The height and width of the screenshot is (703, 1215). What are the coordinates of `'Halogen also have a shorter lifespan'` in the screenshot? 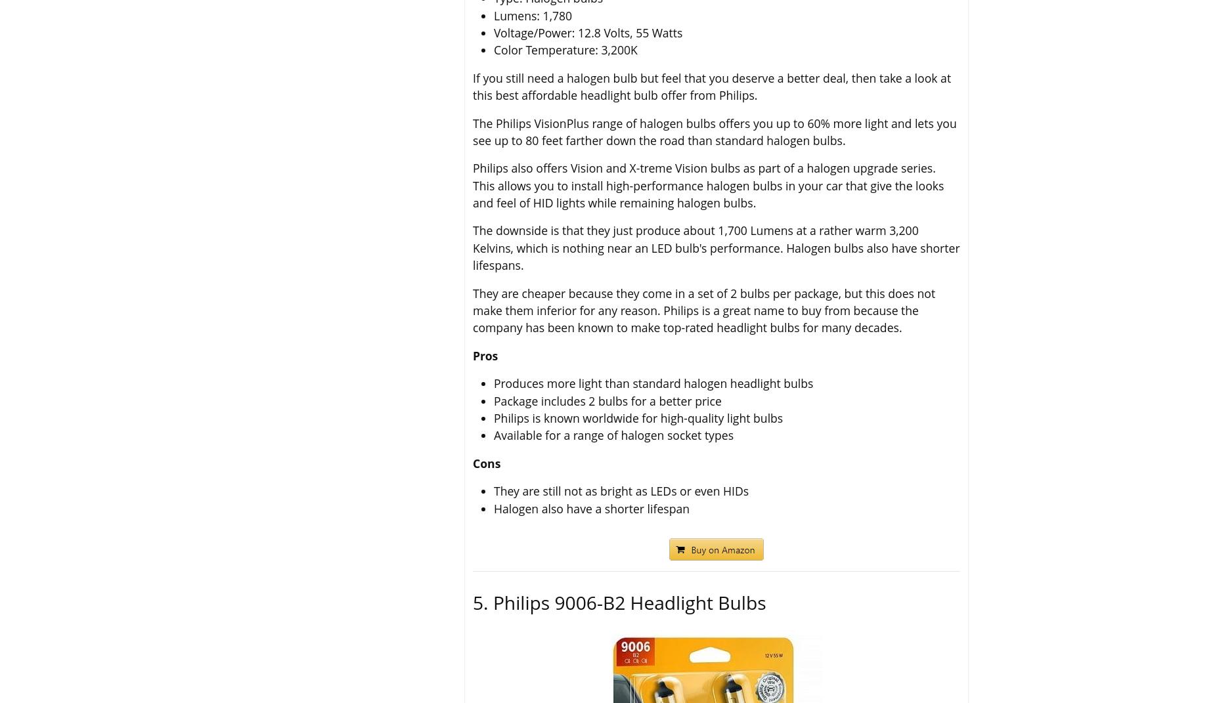 It's located at (591, 507).